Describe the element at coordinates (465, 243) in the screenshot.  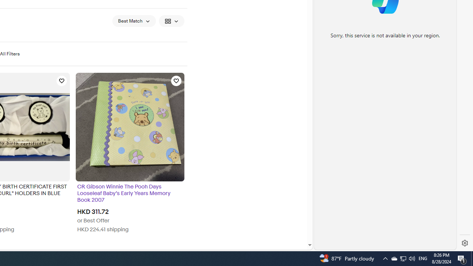
I see `'Settings'` at that location.